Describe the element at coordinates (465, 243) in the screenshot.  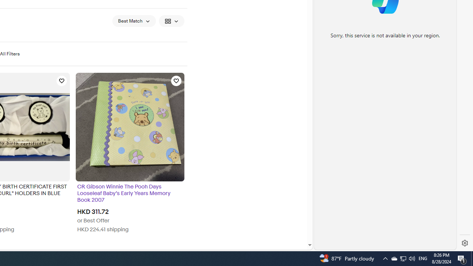
I see `'Settings'` at that location.